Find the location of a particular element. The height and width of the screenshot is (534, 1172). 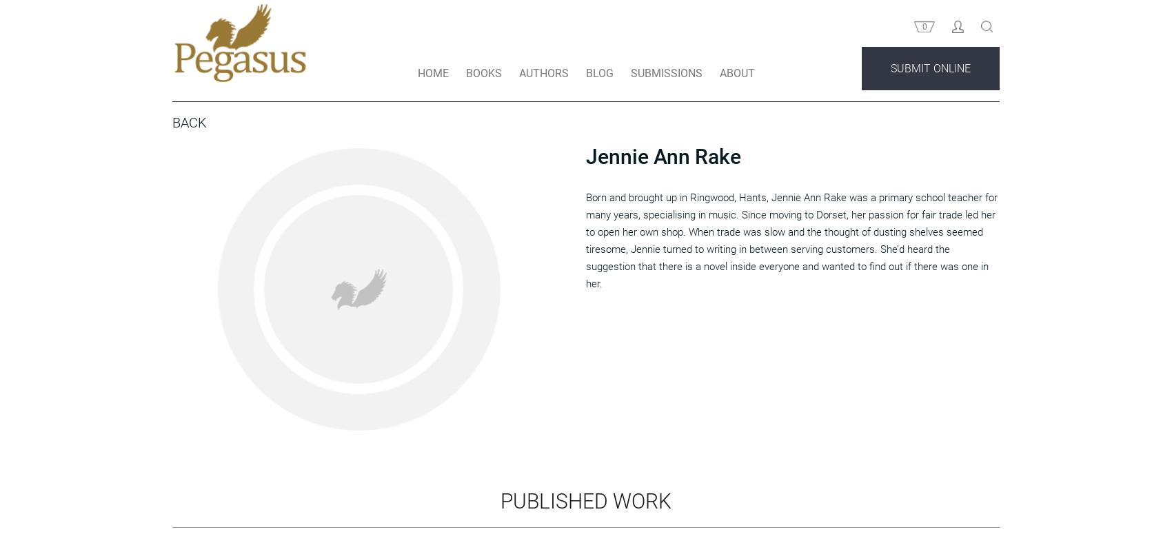

'AUTHORS' is located at coordinates (542, 99).